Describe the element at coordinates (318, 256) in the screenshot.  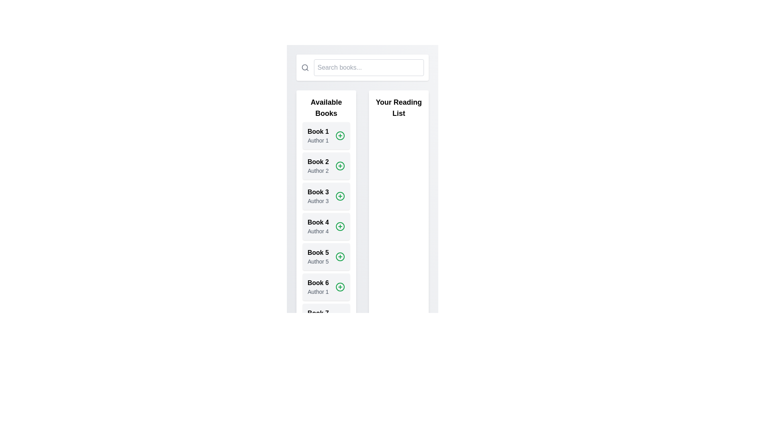
I see `title 'Book 5' and the author 'Author 5' from the text label located in the fifth card from the top of the vertical list of book entries` at that location.